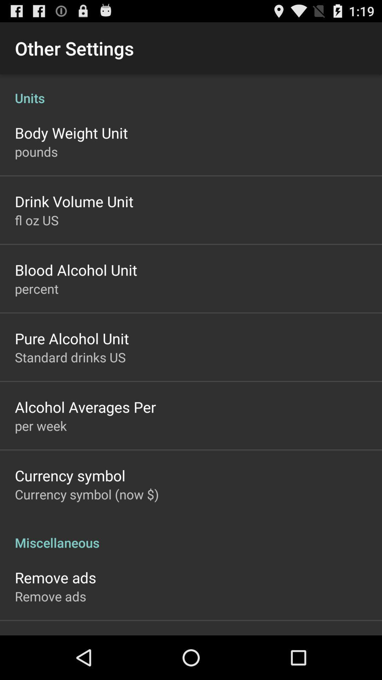 The width and height of the screenshot is (382, 680). I want to click on percent item, so click(36, 289).